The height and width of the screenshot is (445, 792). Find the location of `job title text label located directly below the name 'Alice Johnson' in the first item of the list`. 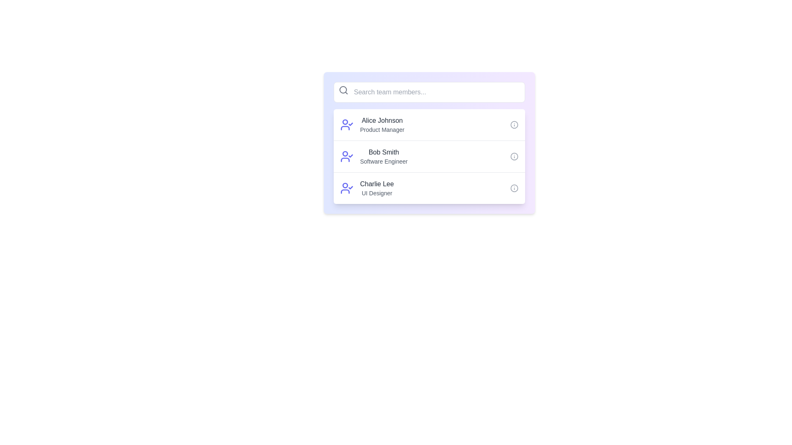

job title text label located directly below the name 'Alice Johnson' in the first item of the list is located at coordinates (382, 130).